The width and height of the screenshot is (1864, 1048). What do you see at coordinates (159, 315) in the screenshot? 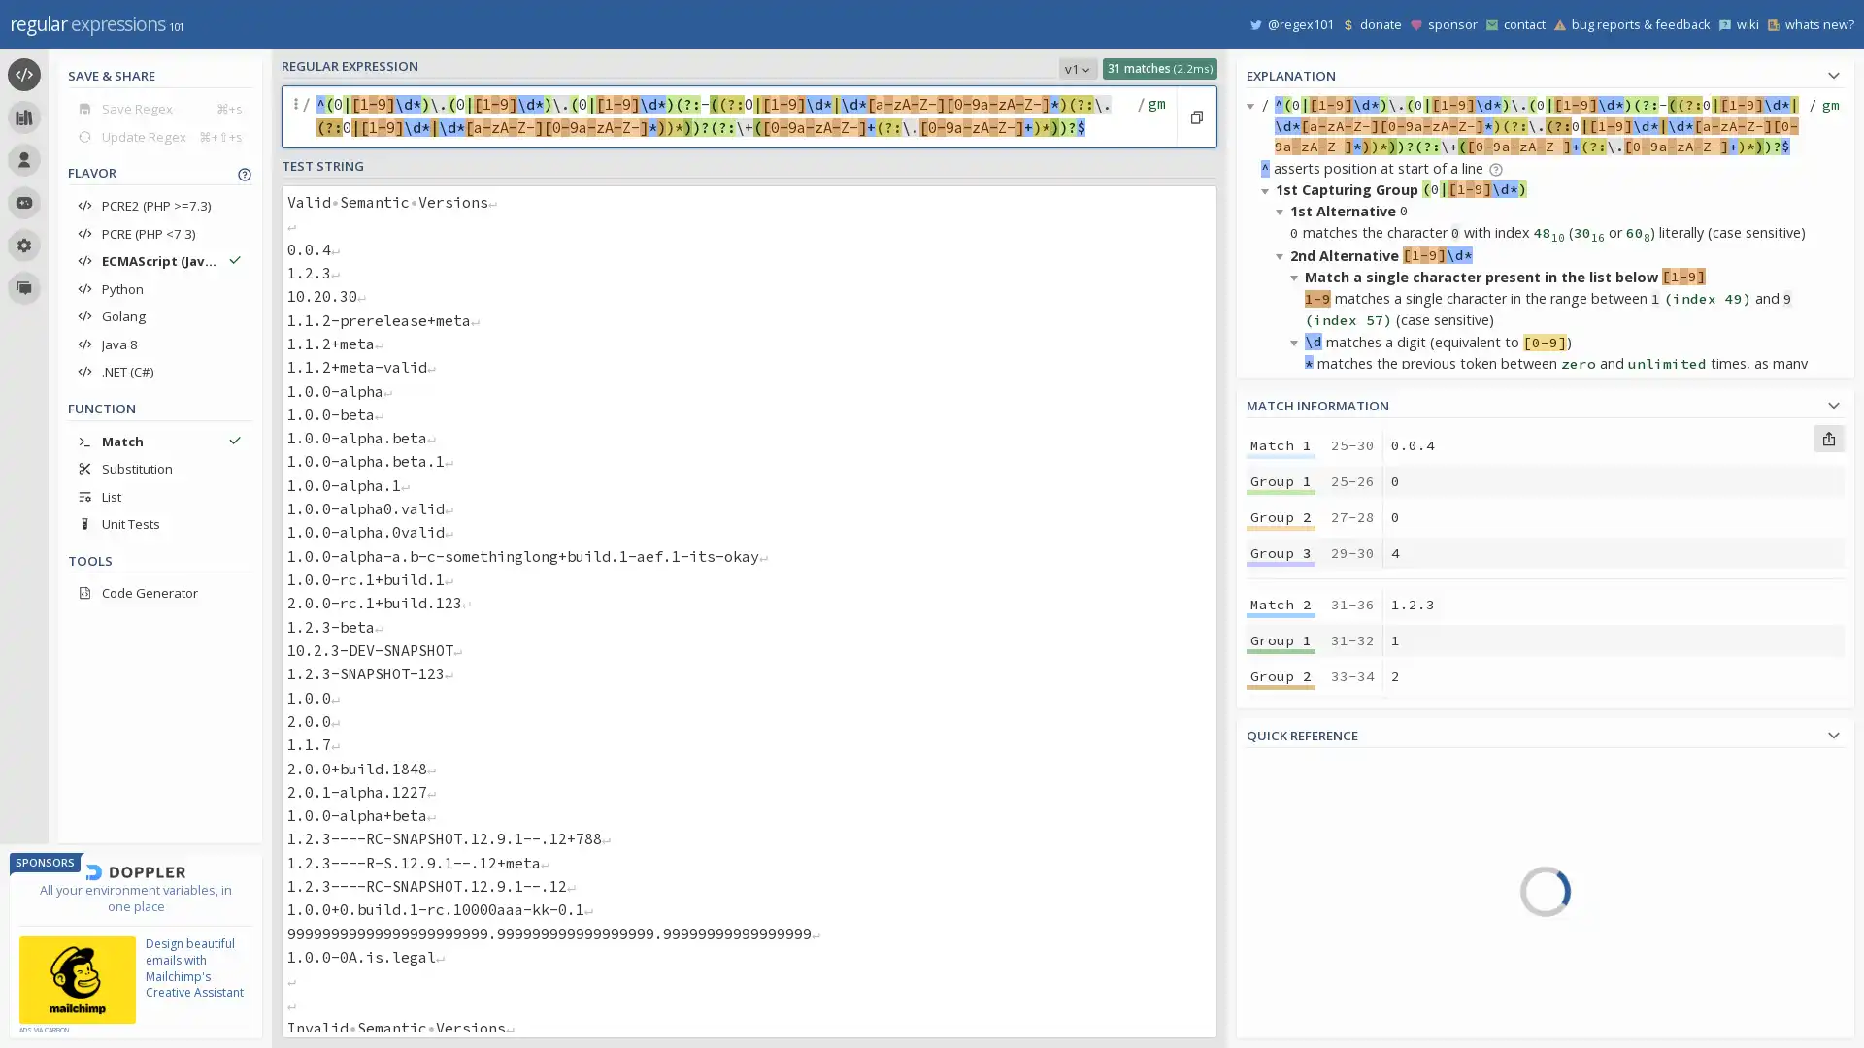
I see `Golang` at bounding box center [159, 315].